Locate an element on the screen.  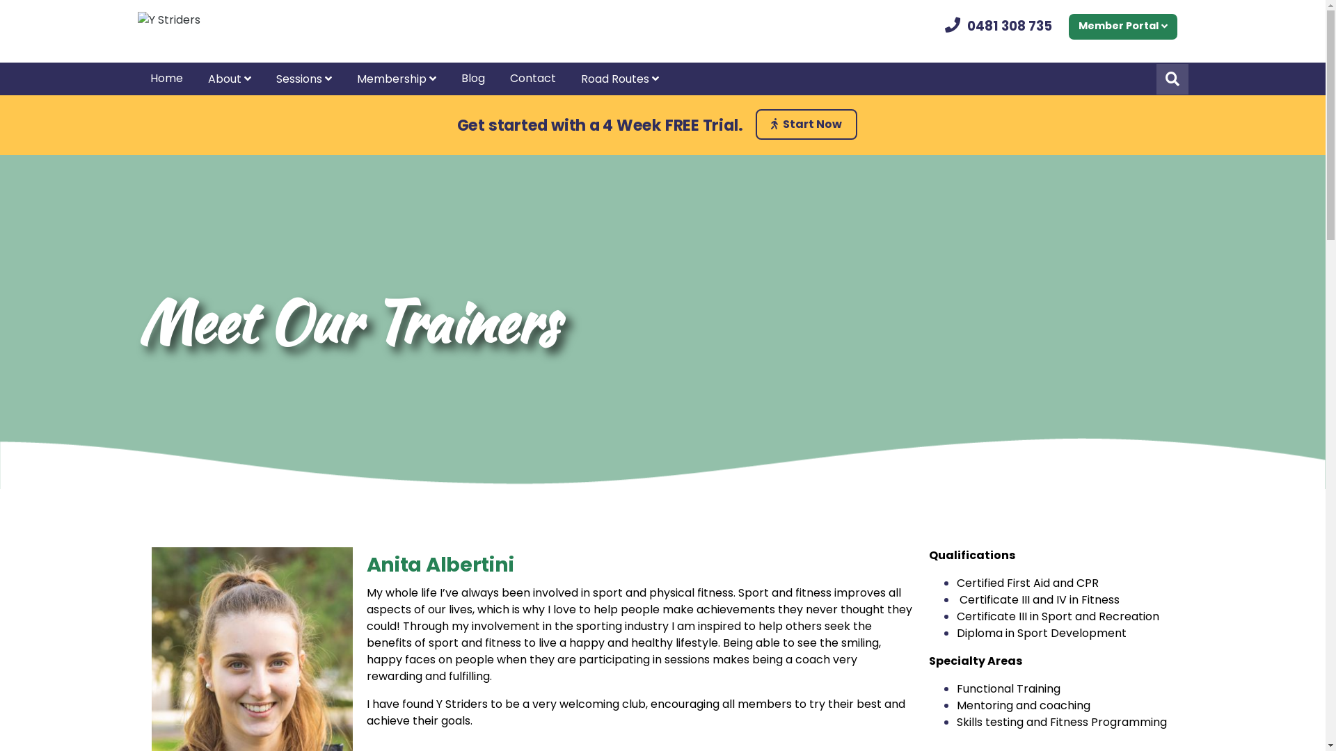
'Search' is located at coordinates (1171, 79).